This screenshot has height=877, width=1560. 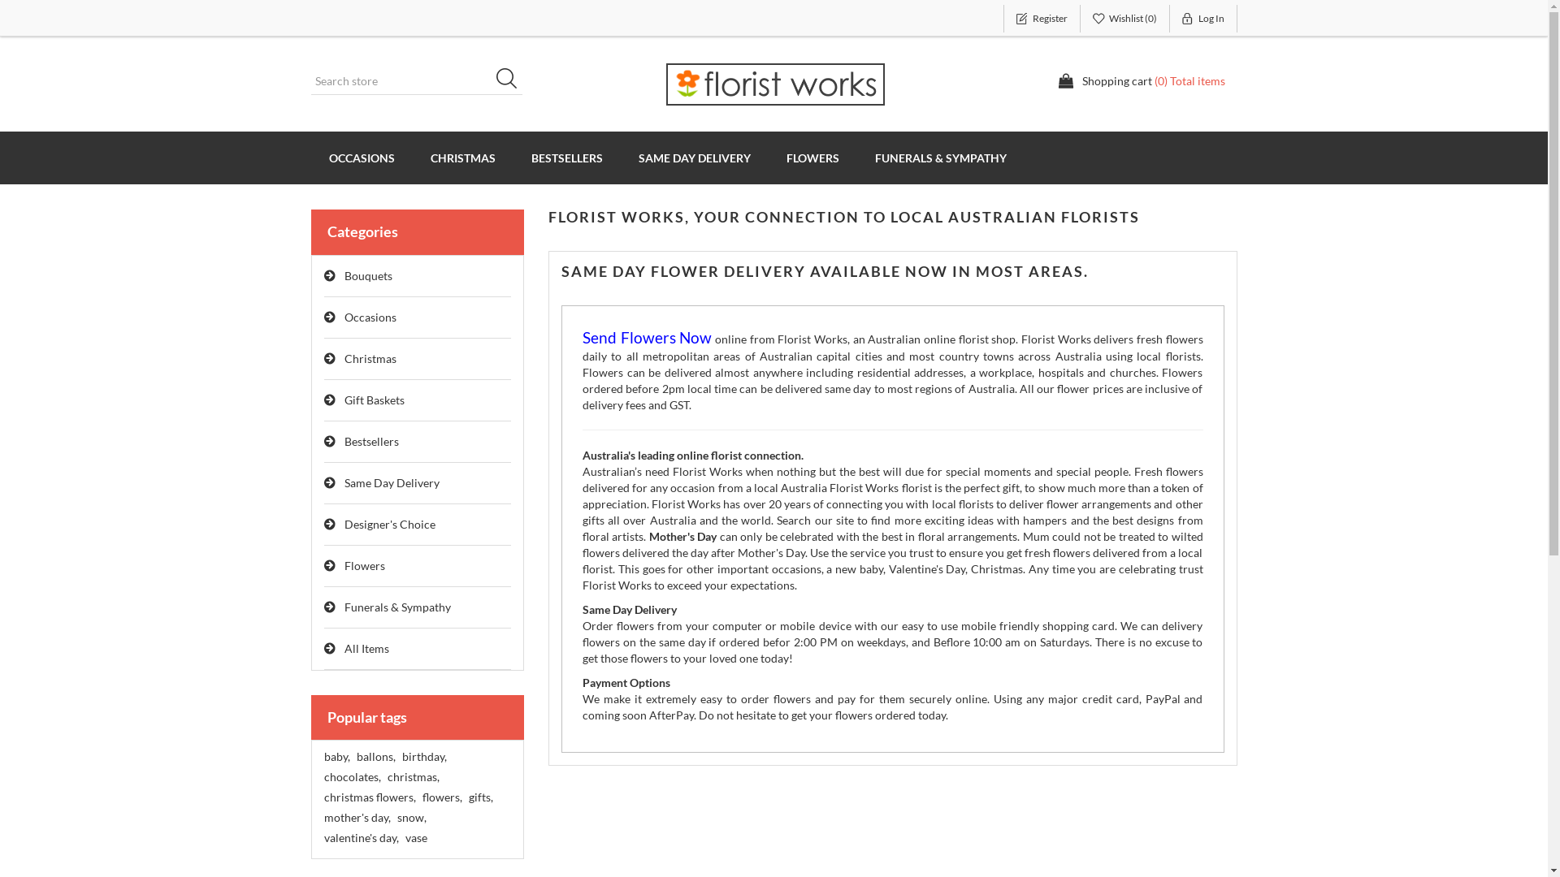 I want to click on 'vase', so click(x=415, y=838).